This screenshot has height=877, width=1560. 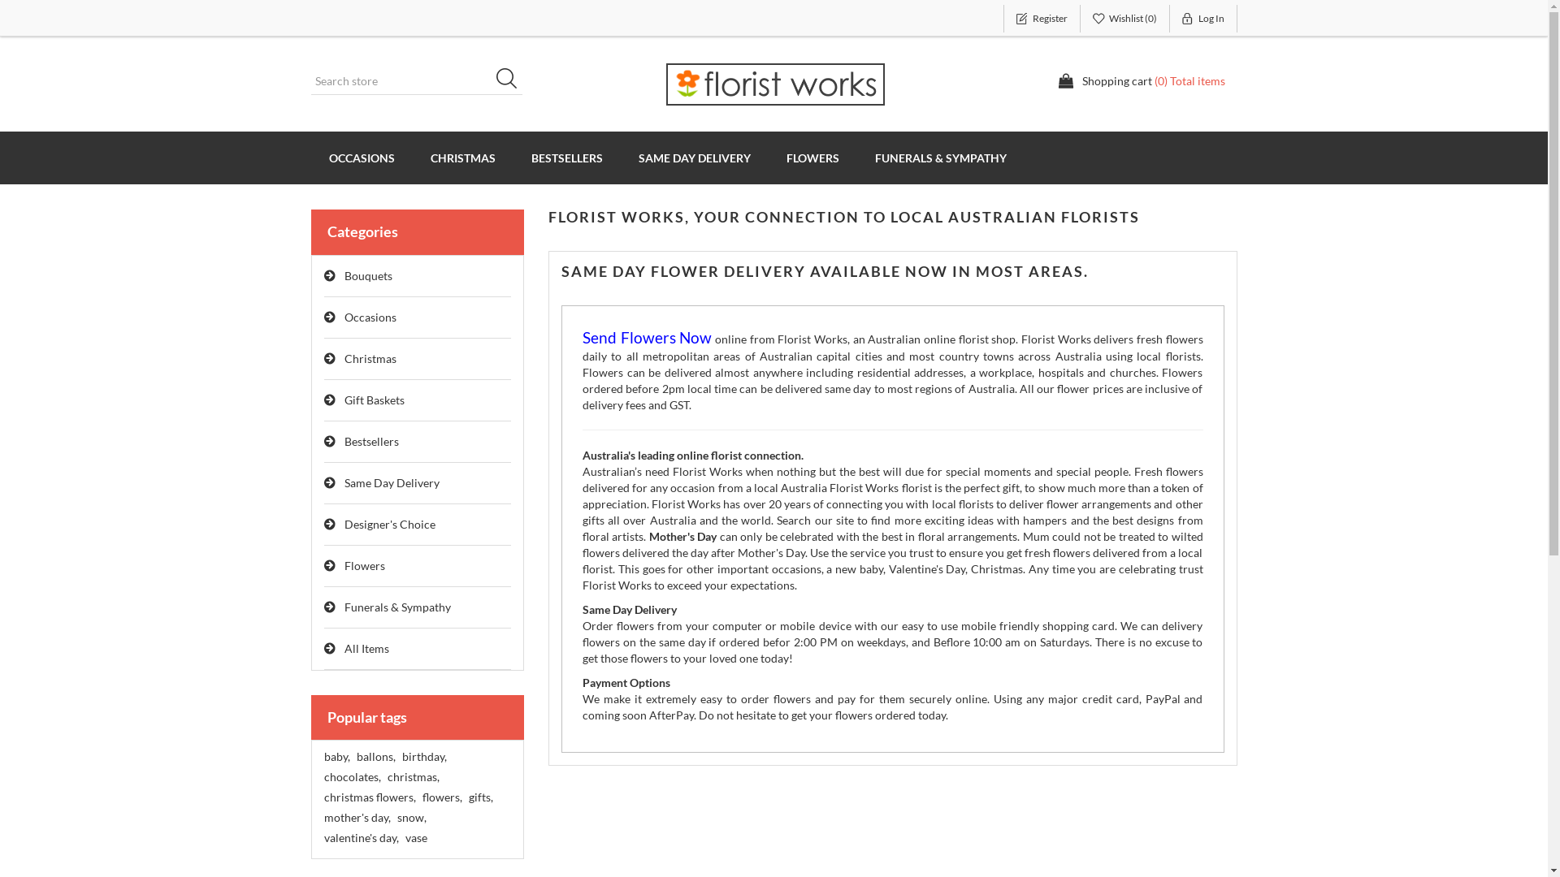 I want to click on 'vase', so click(x=415, y=838).